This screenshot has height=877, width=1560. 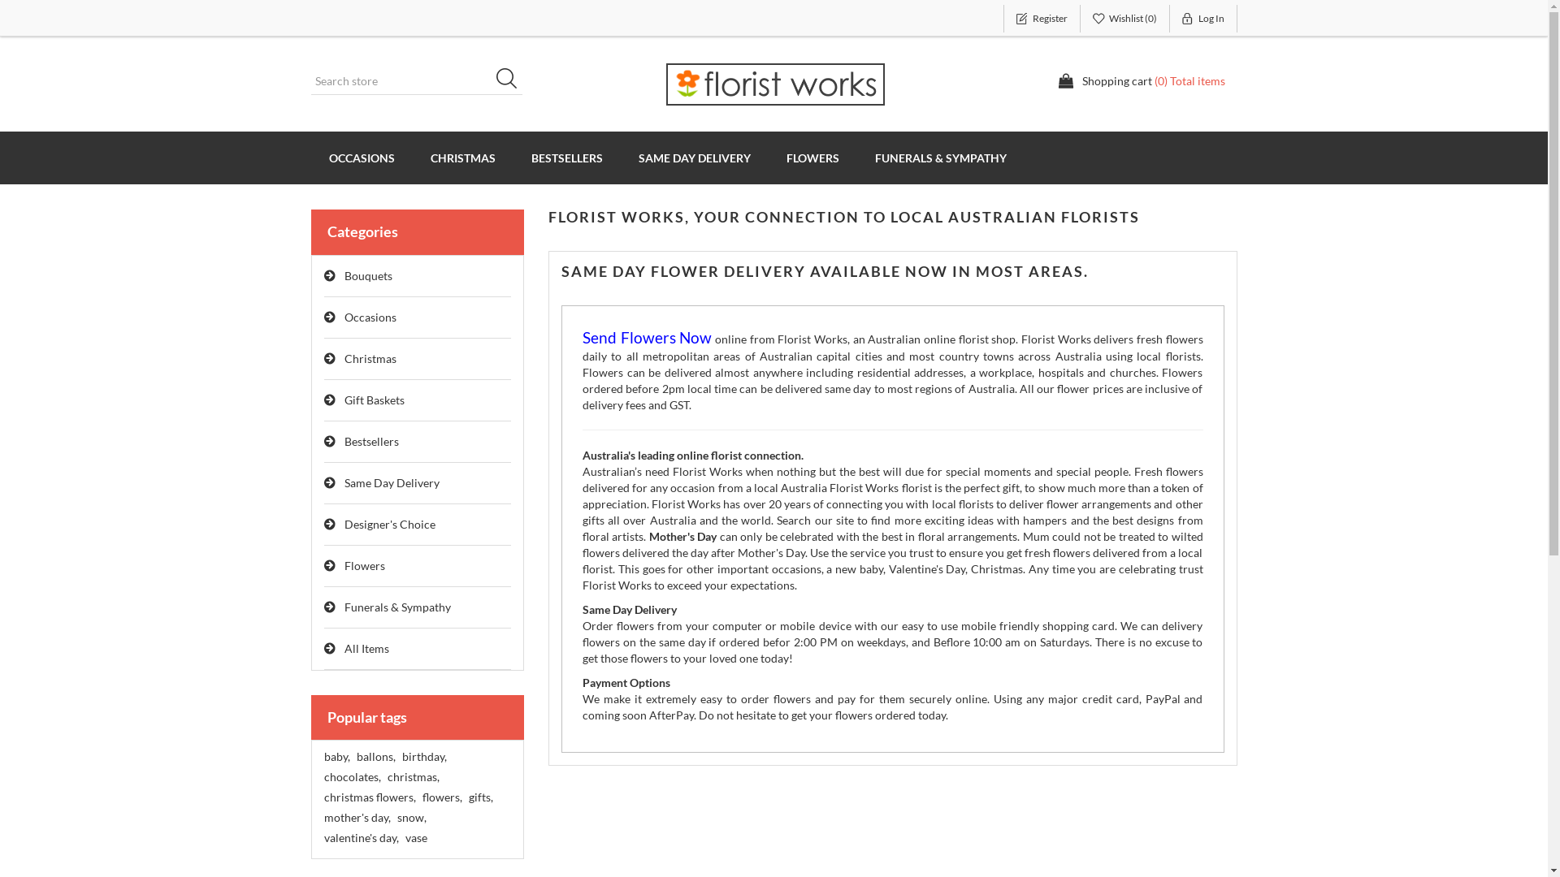 I want to click on 'vase', so click(x=415, y=838).